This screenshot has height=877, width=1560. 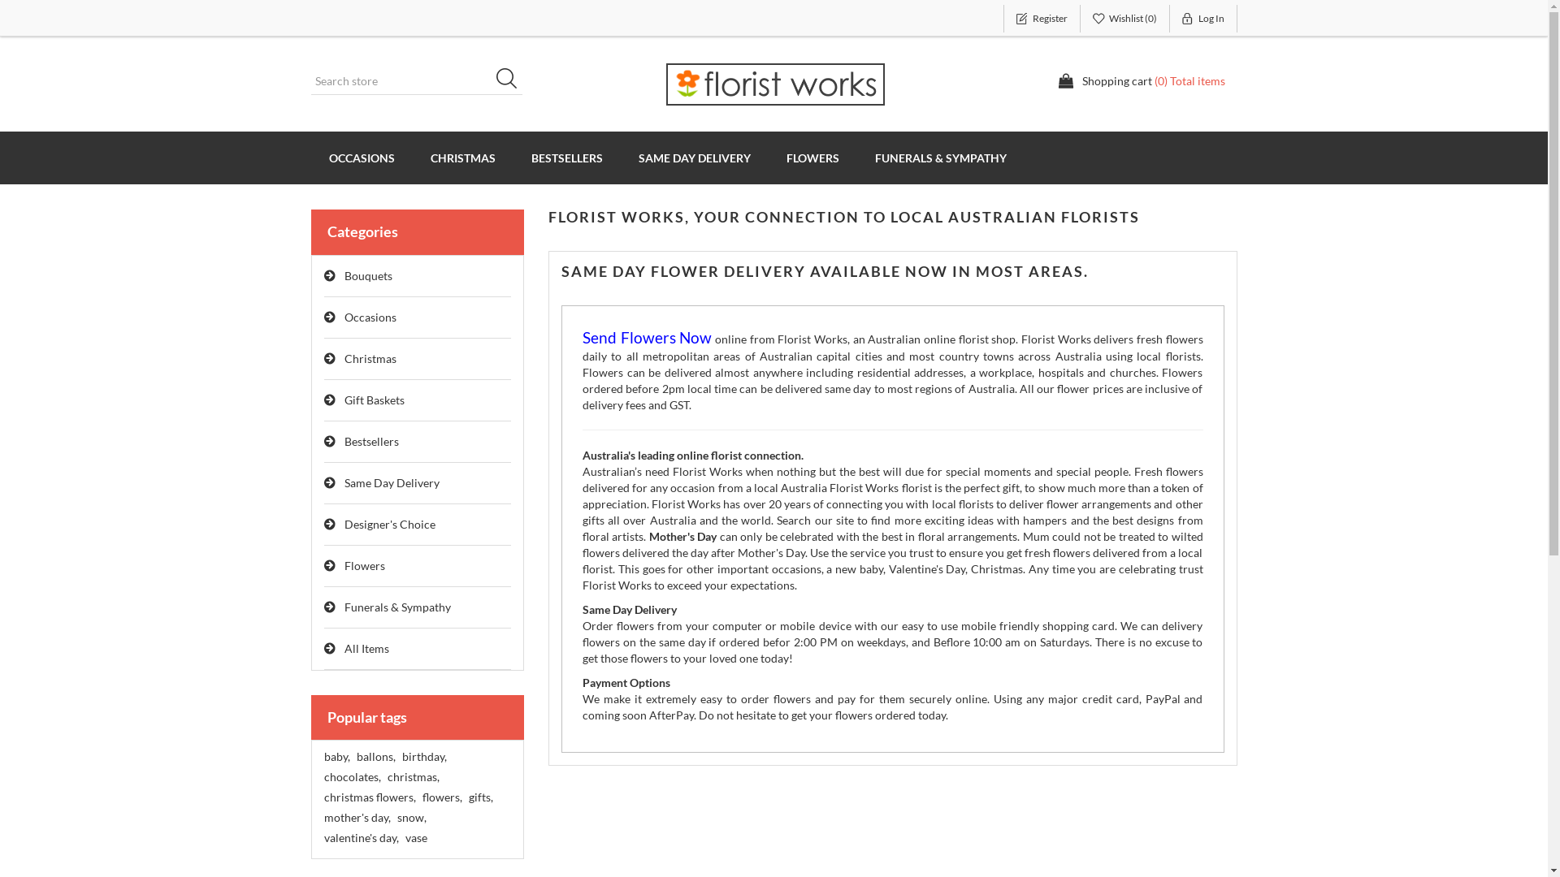 I want to click on 'vase', so click(x=415, y=838).